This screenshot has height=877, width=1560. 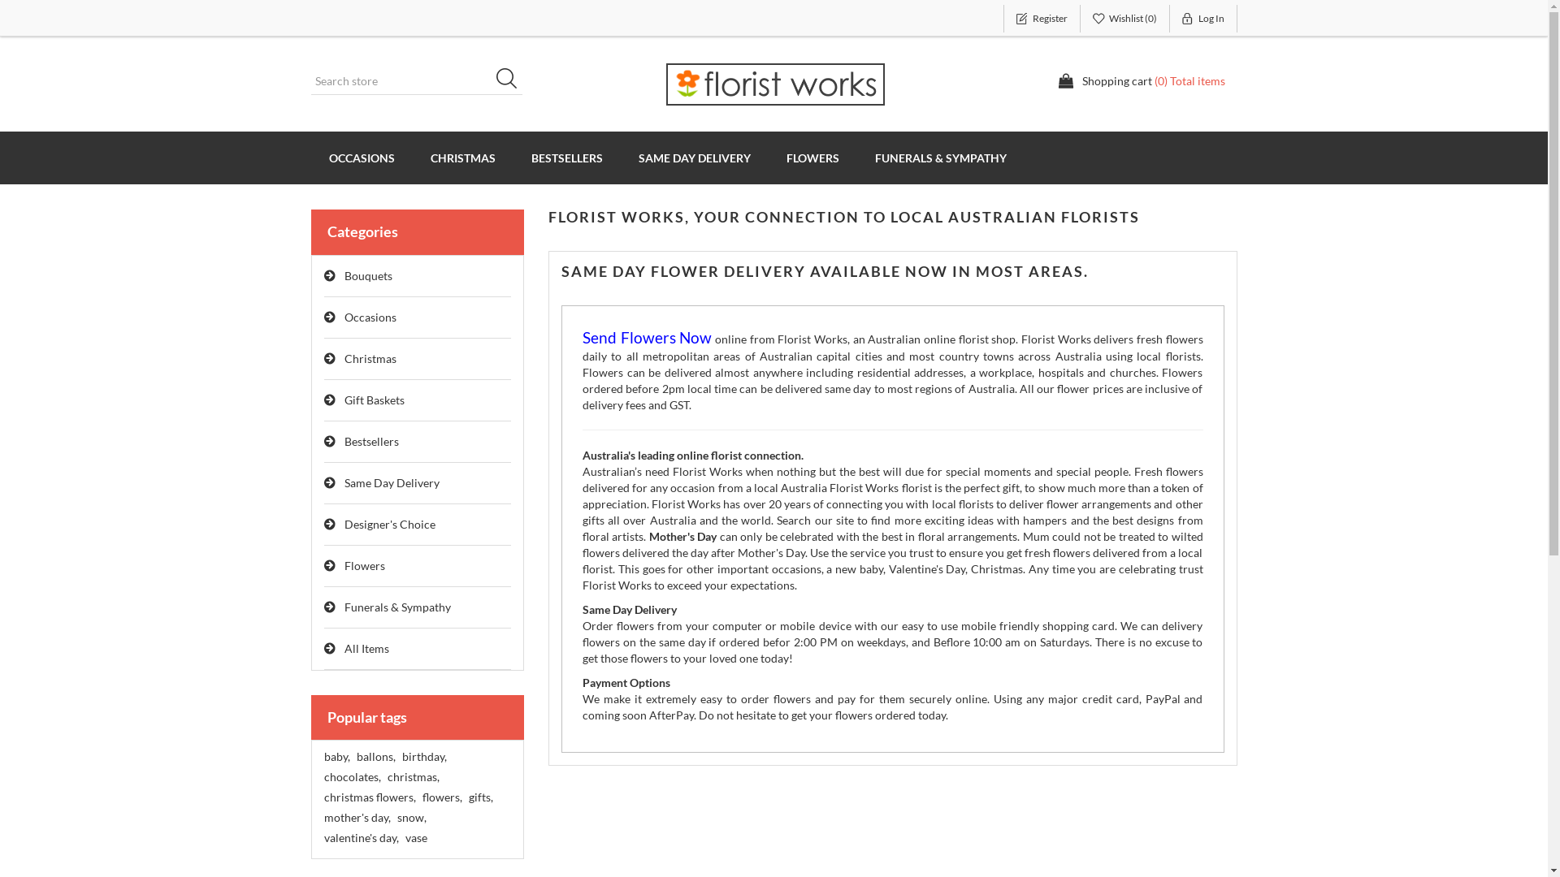 I want to click on 'vase', so click(x=415, y=838).